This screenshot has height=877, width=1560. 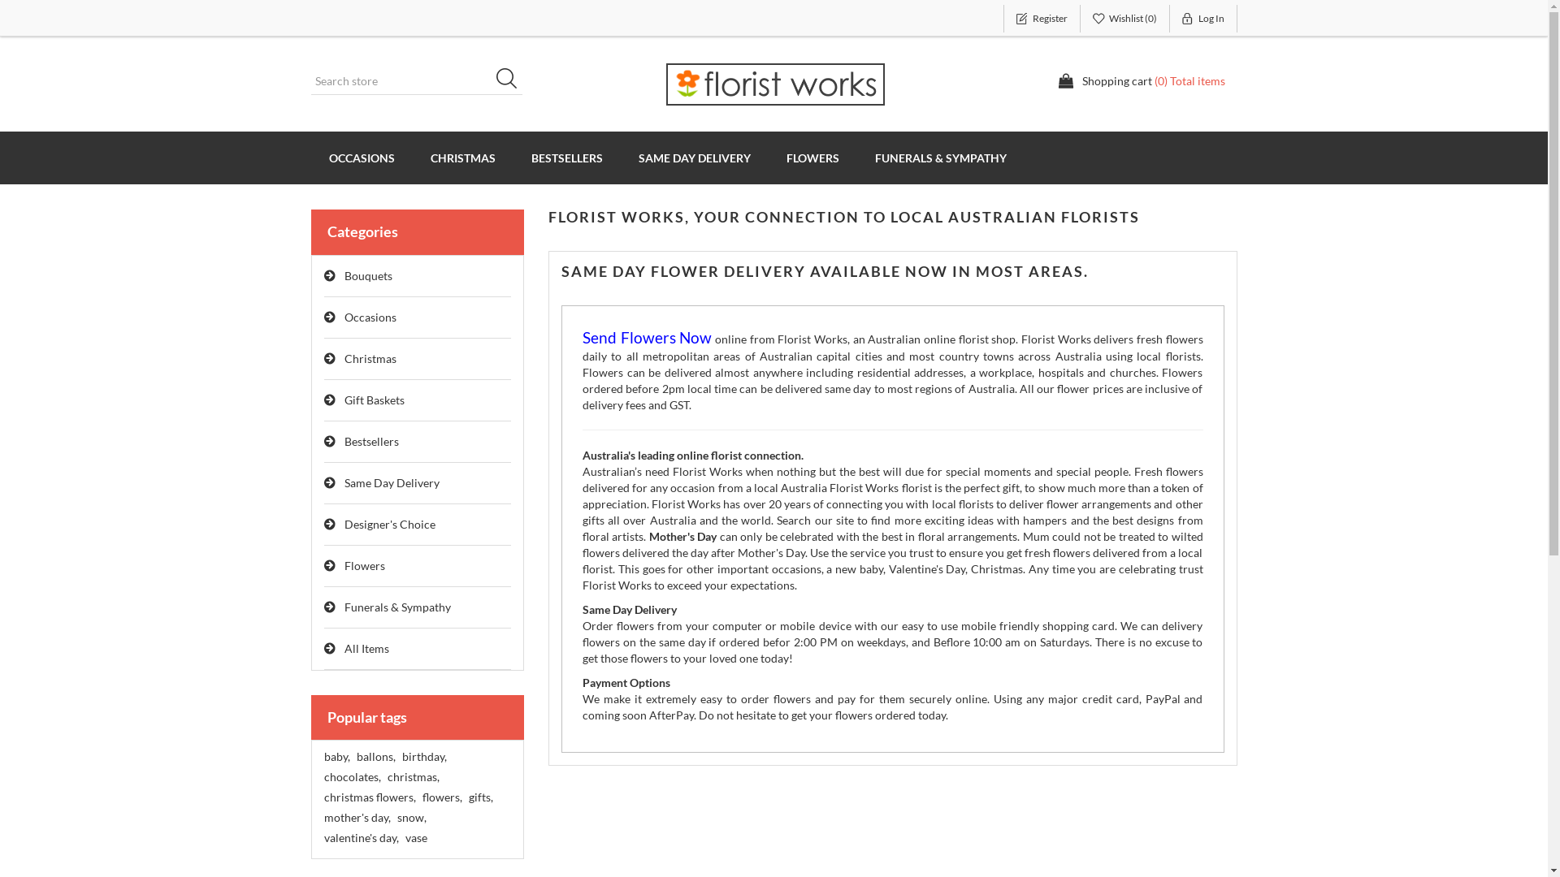 I want to click on 'vase', so click(x=415, y=838).